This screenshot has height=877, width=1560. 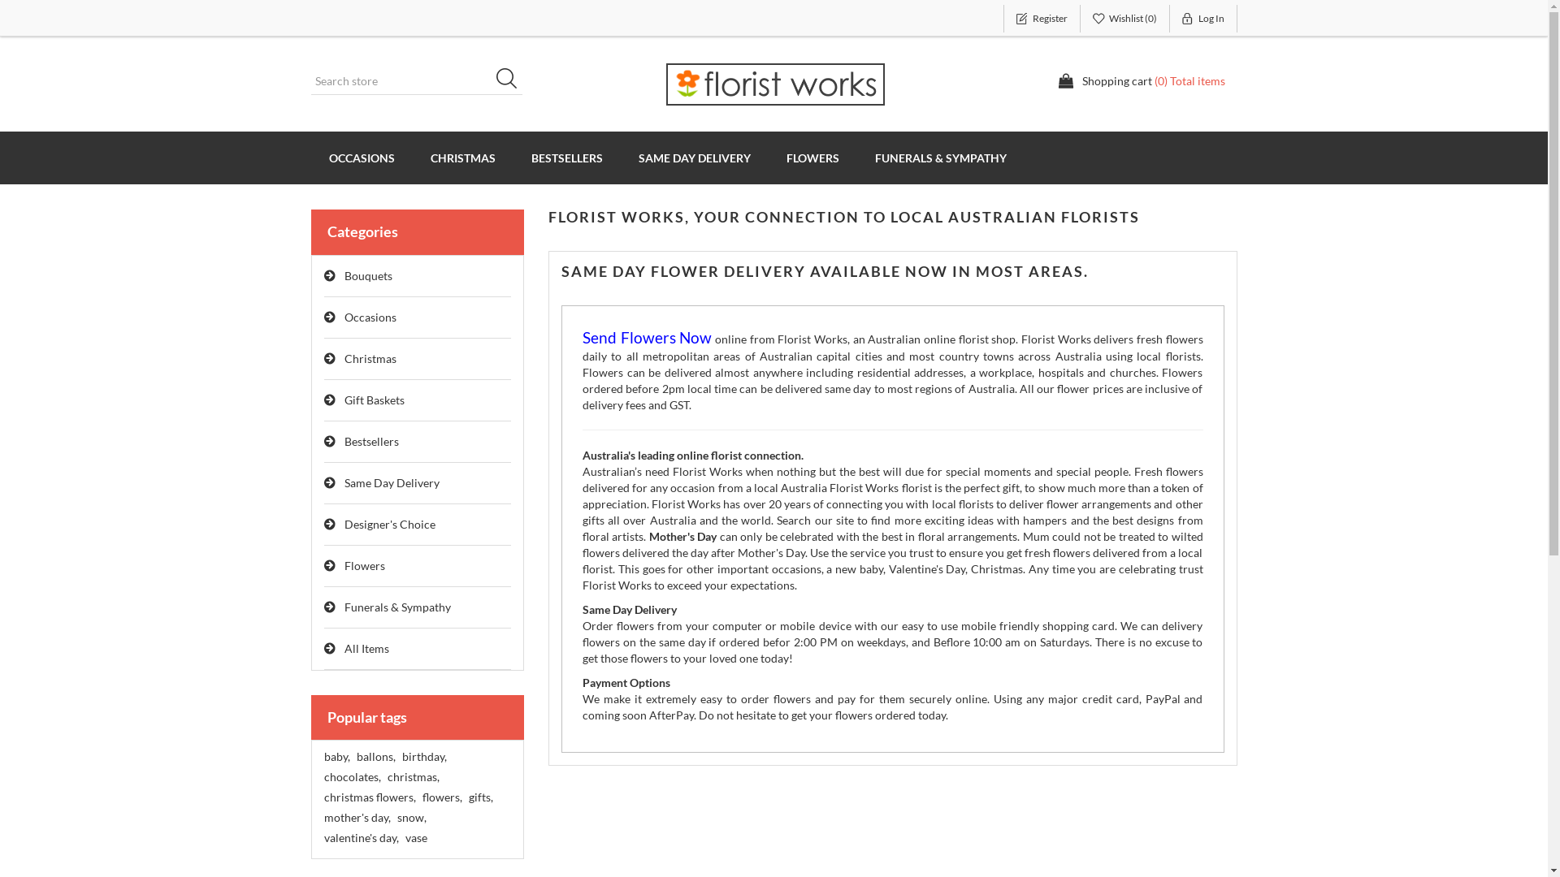 I want to click on 'vase', so click(x=415, y=838).